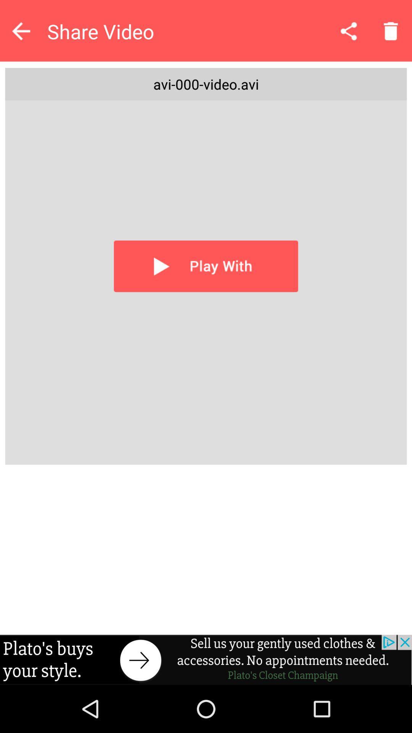 The width and height of the screenshot is (412, 733). What do you see at coordinates (206, 659) in the screenshot?
I see `open advertisement` at bounding box center [206, 659].